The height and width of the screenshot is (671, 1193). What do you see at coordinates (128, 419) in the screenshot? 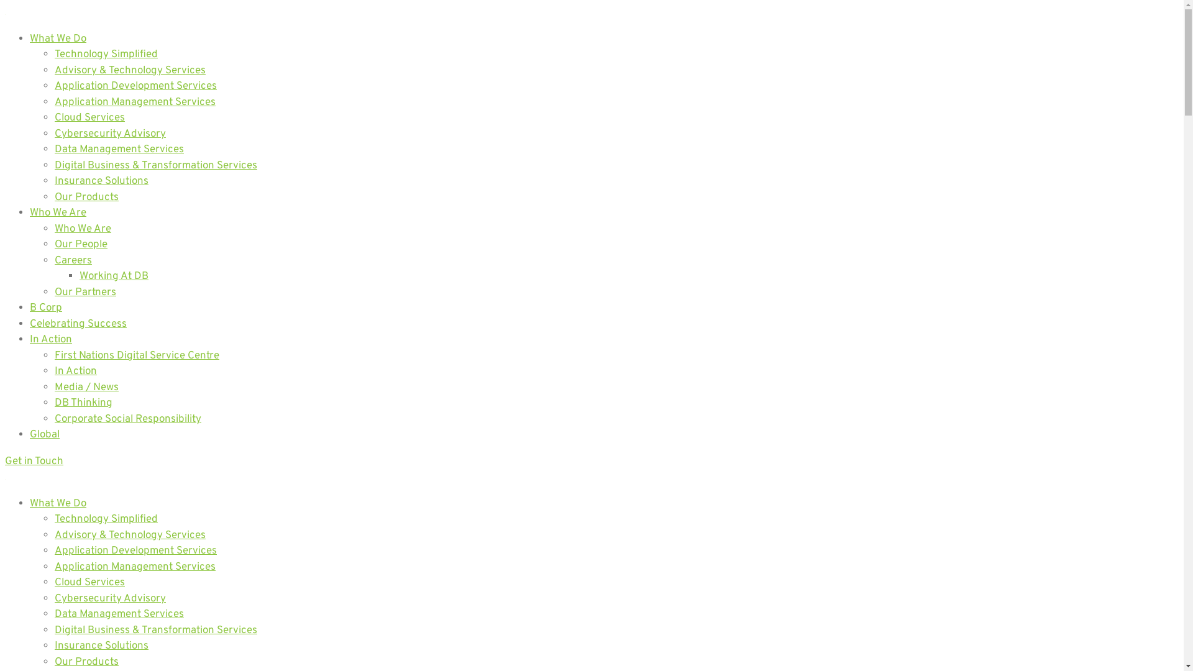
I see `'Corporate Social Responsibility'` at bounding box center [128, 419].